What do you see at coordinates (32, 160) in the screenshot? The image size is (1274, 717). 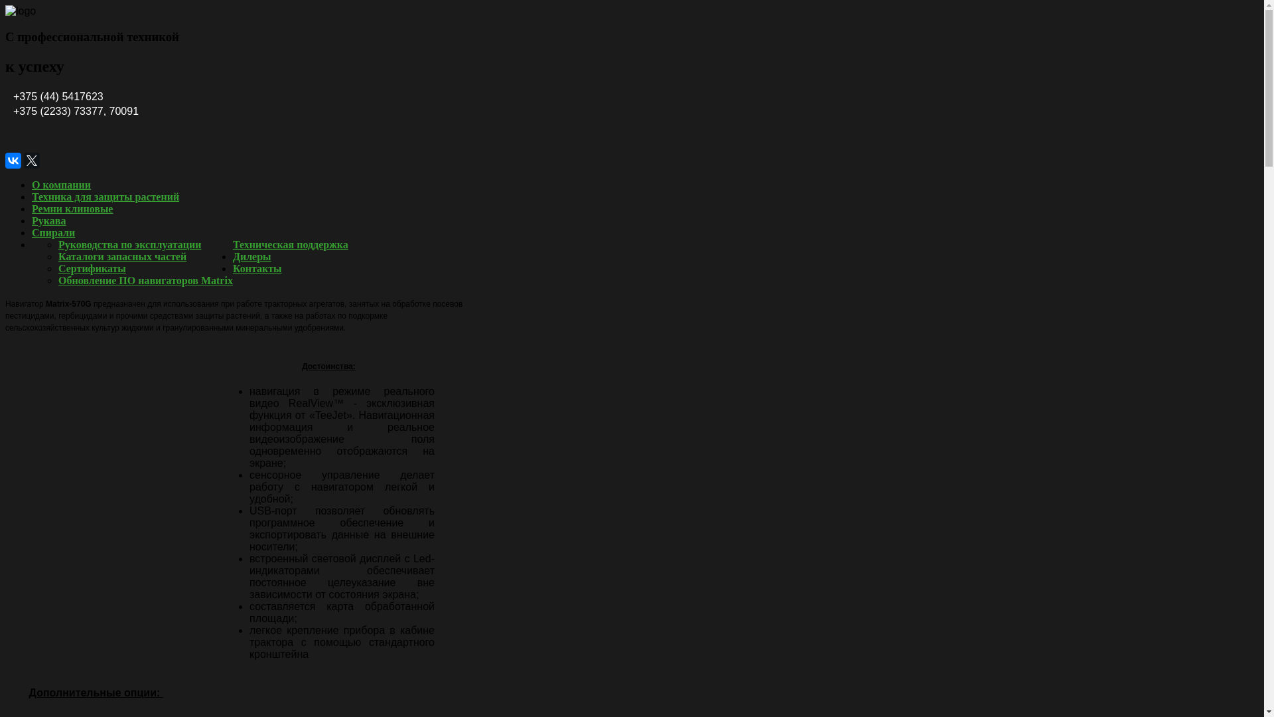 I see `'Twitter'` at bounding box center [32, 160].